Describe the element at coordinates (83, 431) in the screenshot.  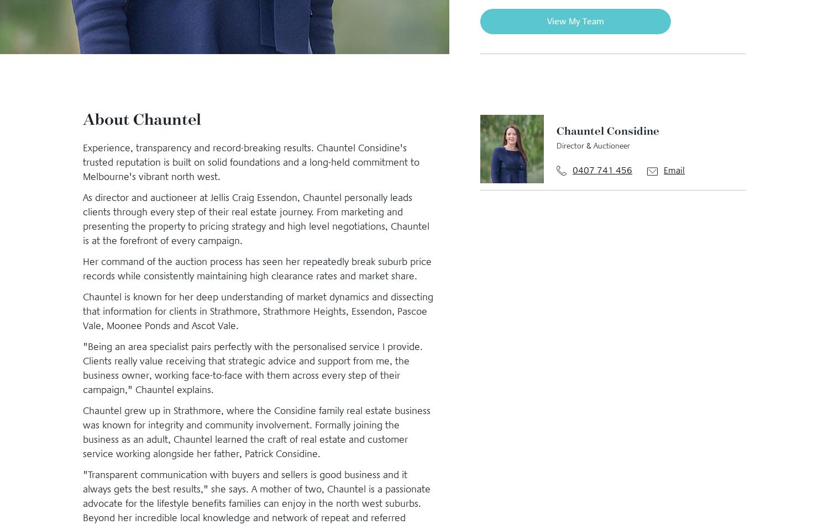
I see `'Chauntel grew up in Strathmore, where the Considine family real estate business was known for integrity and community involvement. Formally joining the business as an adult, Chauntel learned the craft of real estate and customer service working alongside her father, Patrick Considine.'` at that location.